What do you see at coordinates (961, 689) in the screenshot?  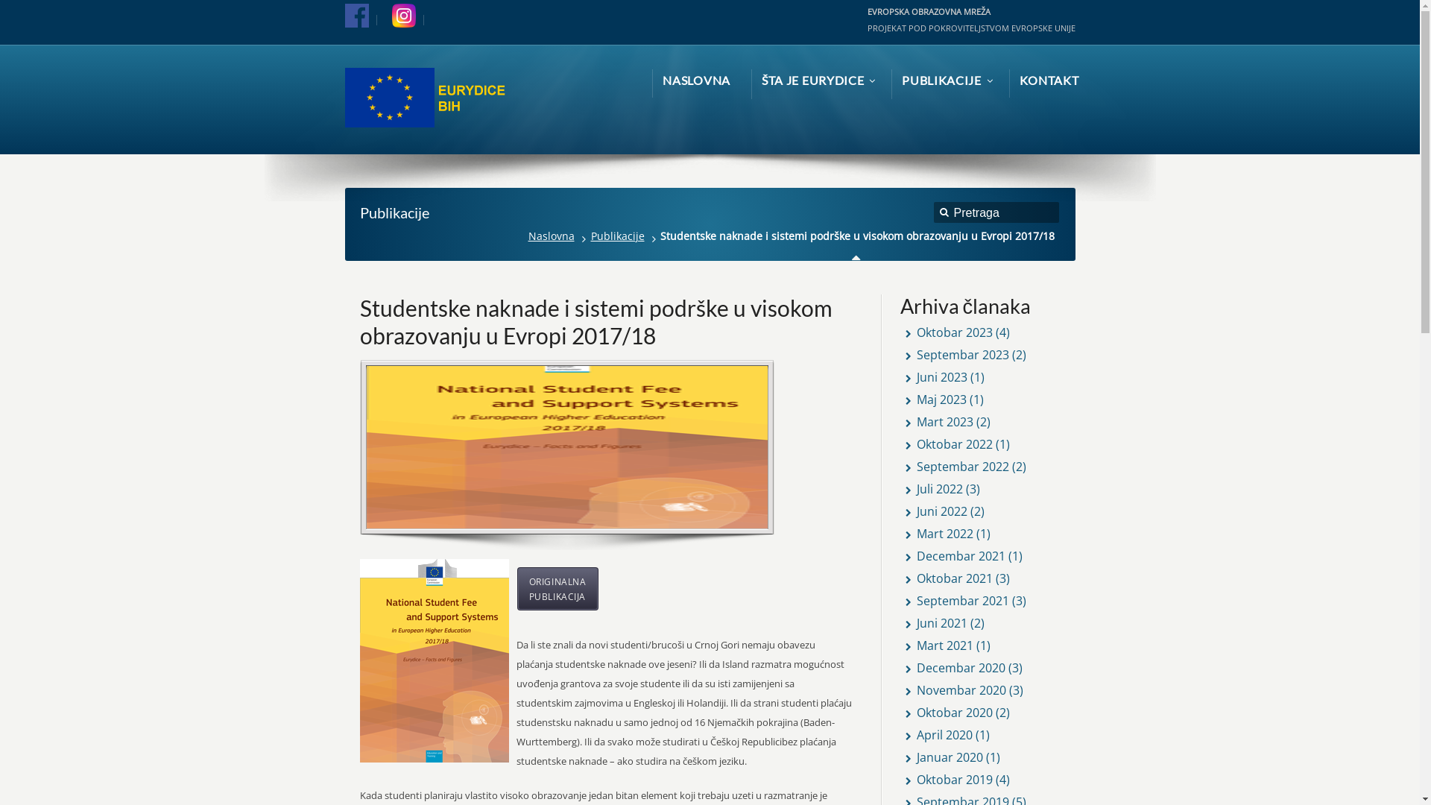 I see `'Novembar 2020'` at bounding box center [961, 689].